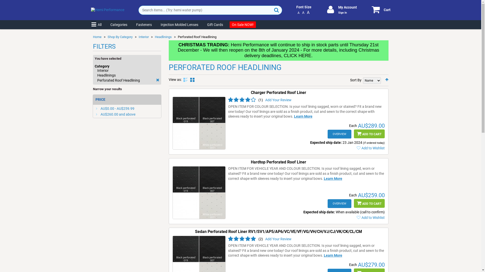 The width and height of the screenshot is (485, 272). I want to click on 'Set Descending Direction', so click(386, 79).